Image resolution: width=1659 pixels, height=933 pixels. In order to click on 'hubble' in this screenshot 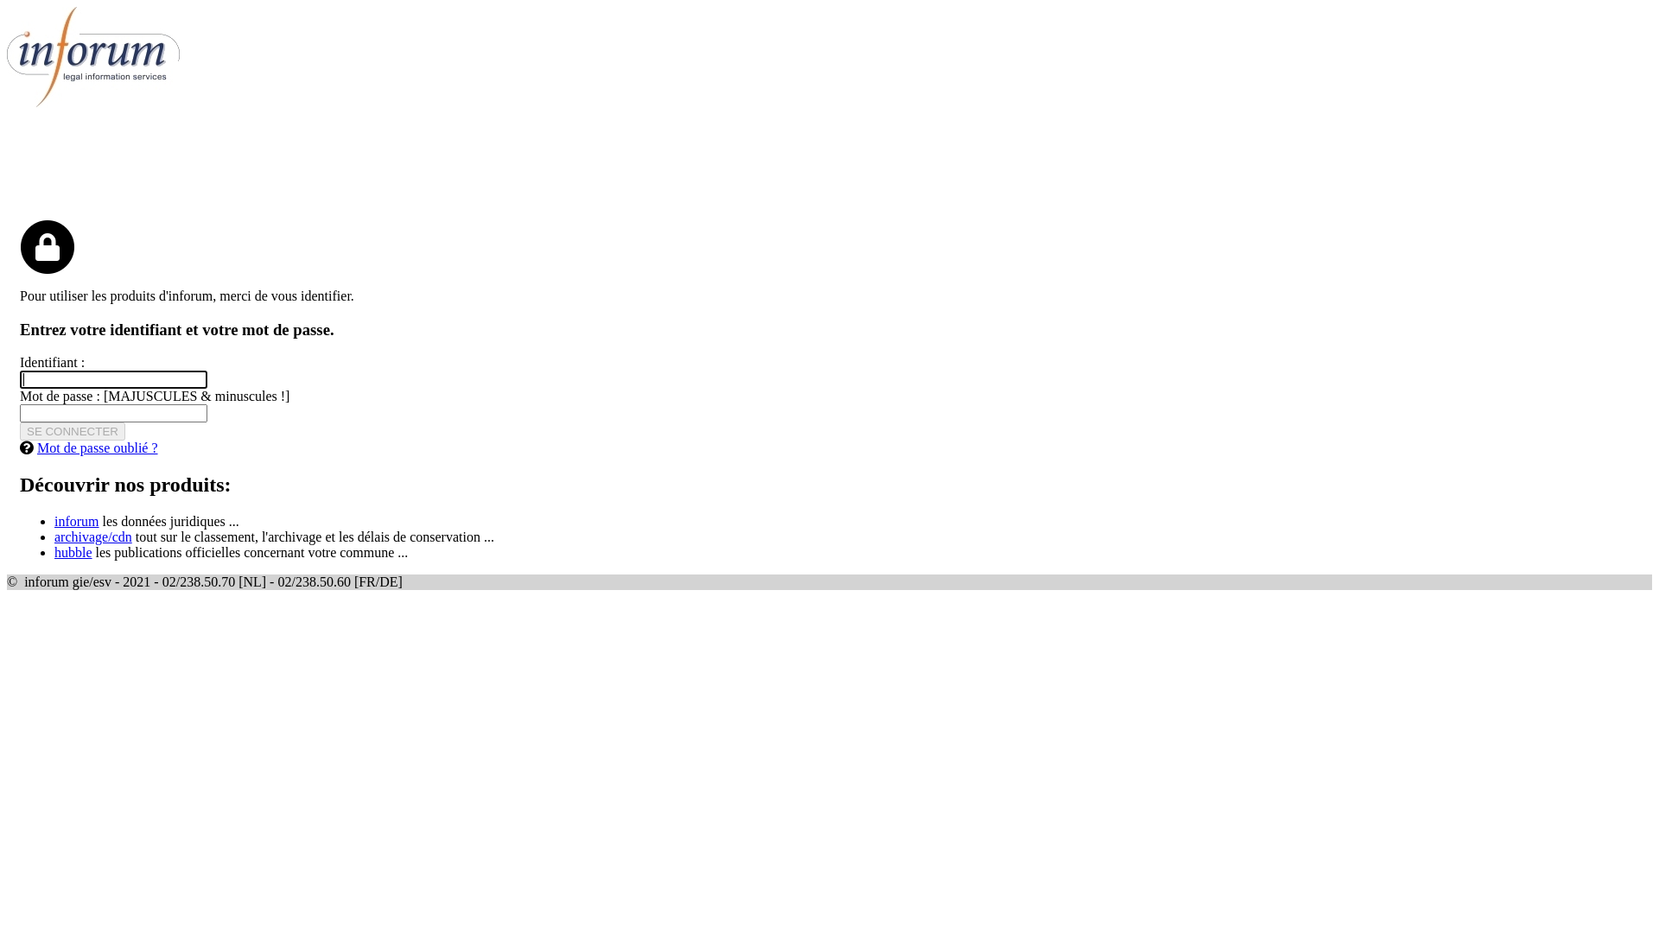, I will do `click(54, 552)`.